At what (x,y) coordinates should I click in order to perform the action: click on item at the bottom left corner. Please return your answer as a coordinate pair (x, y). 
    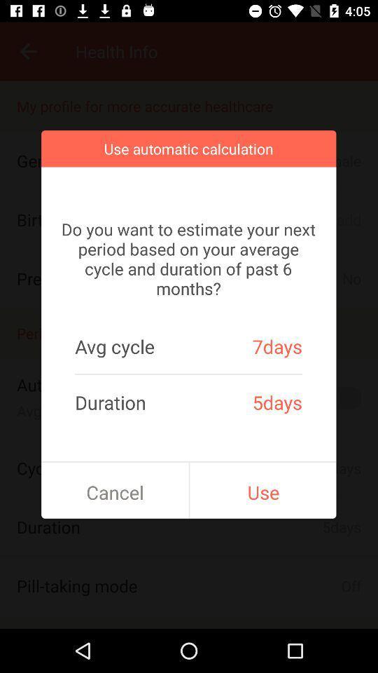
    Looking at the image, I should click on (114, 492).